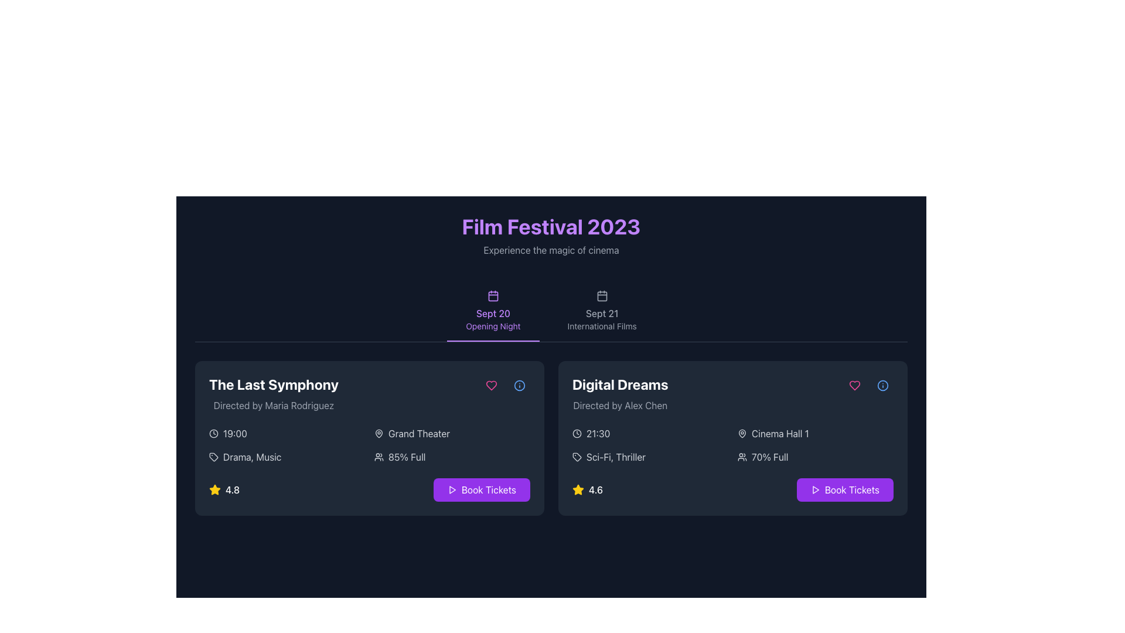  What do you see at coordinates (855, 386) in the screenshot?
I see `the favorite icon located in the upper-right corner of the 'Digital Dreams' movie card` at bounding box center [855, 386].